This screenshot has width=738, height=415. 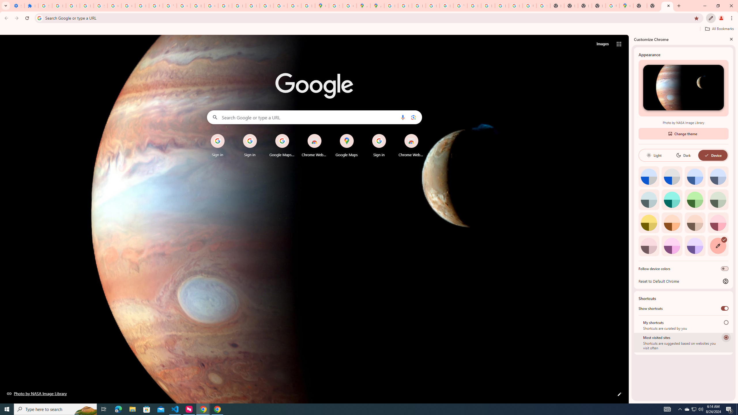 I want to click on 'Orange', so click(x=671, y=222).